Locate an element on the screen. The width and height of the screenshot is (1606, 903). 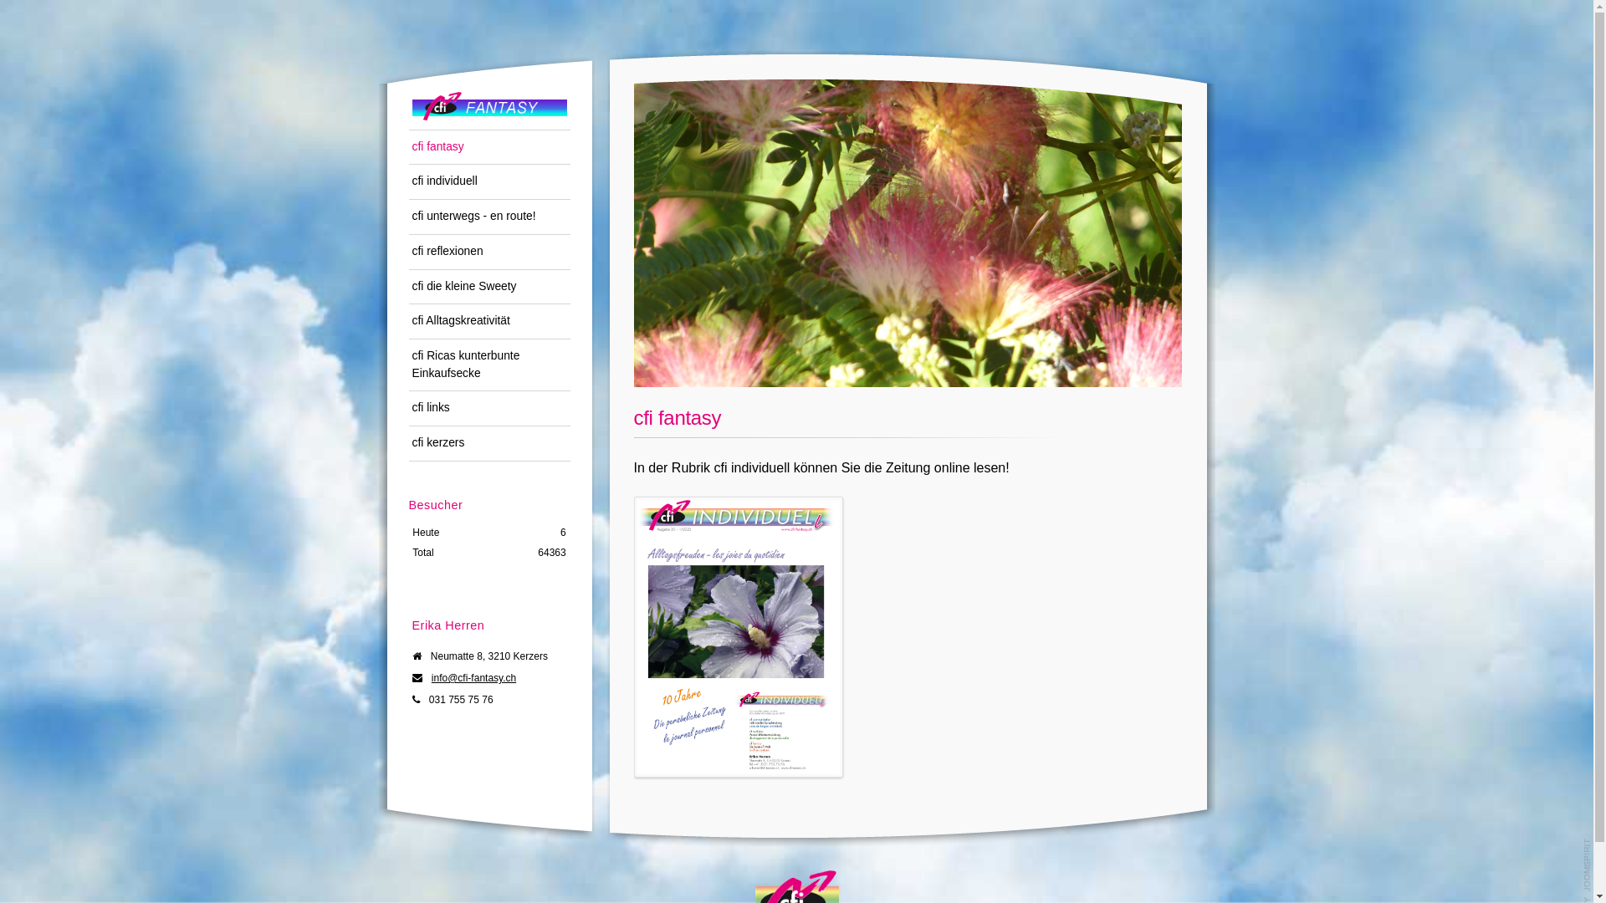
'cfi kerzers' is located at coordinates (488, 442).